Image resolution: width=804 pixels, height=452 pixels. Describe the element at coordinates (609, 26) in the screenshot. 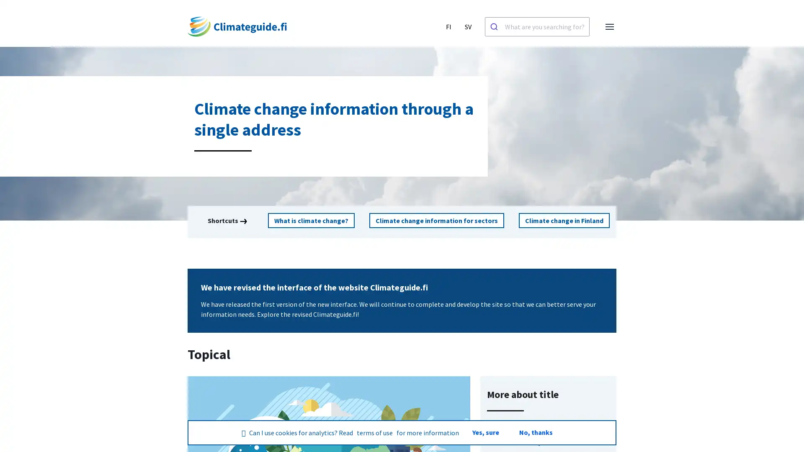

I see `Open menu` at that location.